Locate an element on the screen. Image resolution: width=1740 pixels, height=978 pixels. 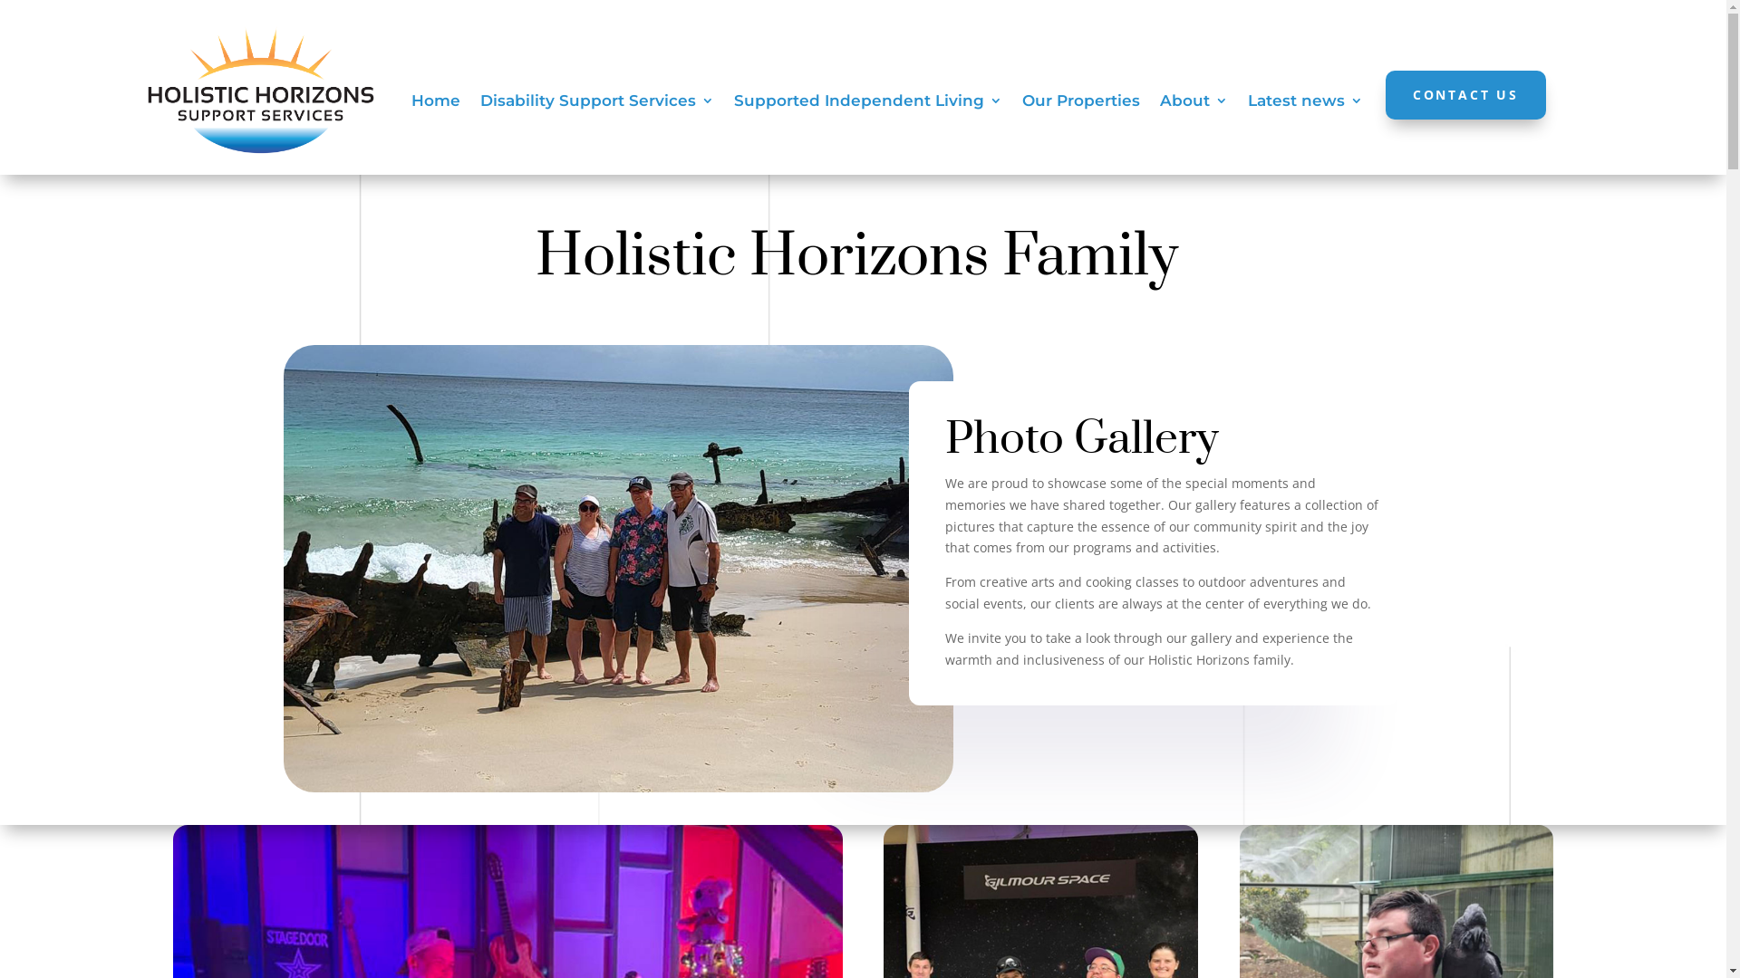
'CONTACT US' is located at coordinates (1465, 94).